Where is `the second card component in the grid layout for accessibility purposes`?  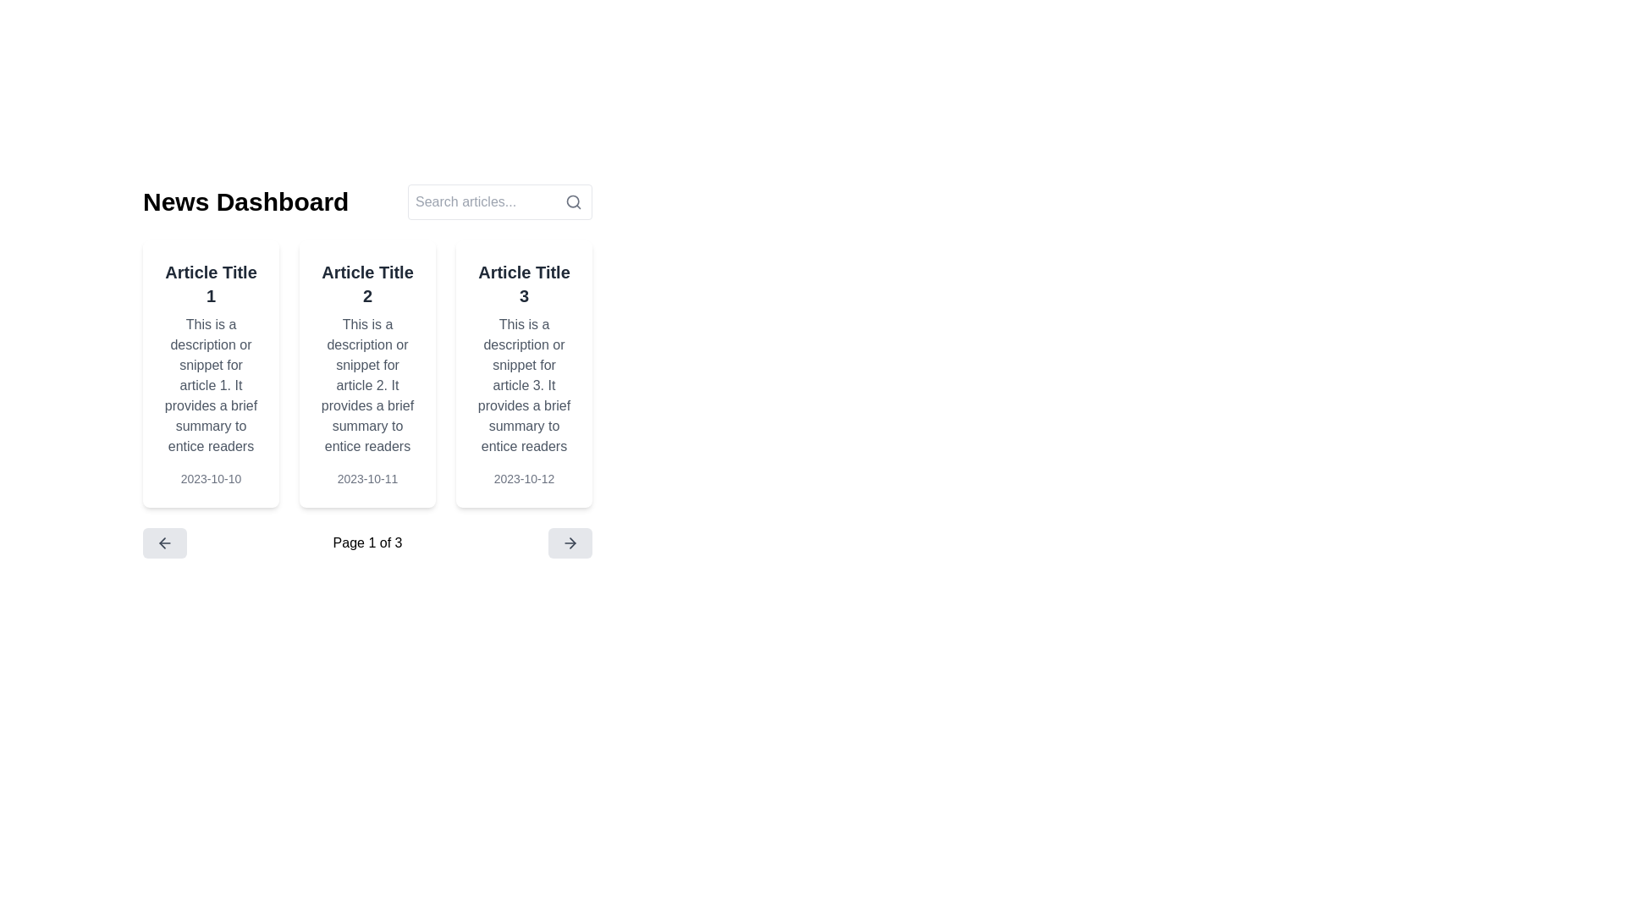 the second card component in the grid layout for accessibility purposes is located at coordinates (366, 373).